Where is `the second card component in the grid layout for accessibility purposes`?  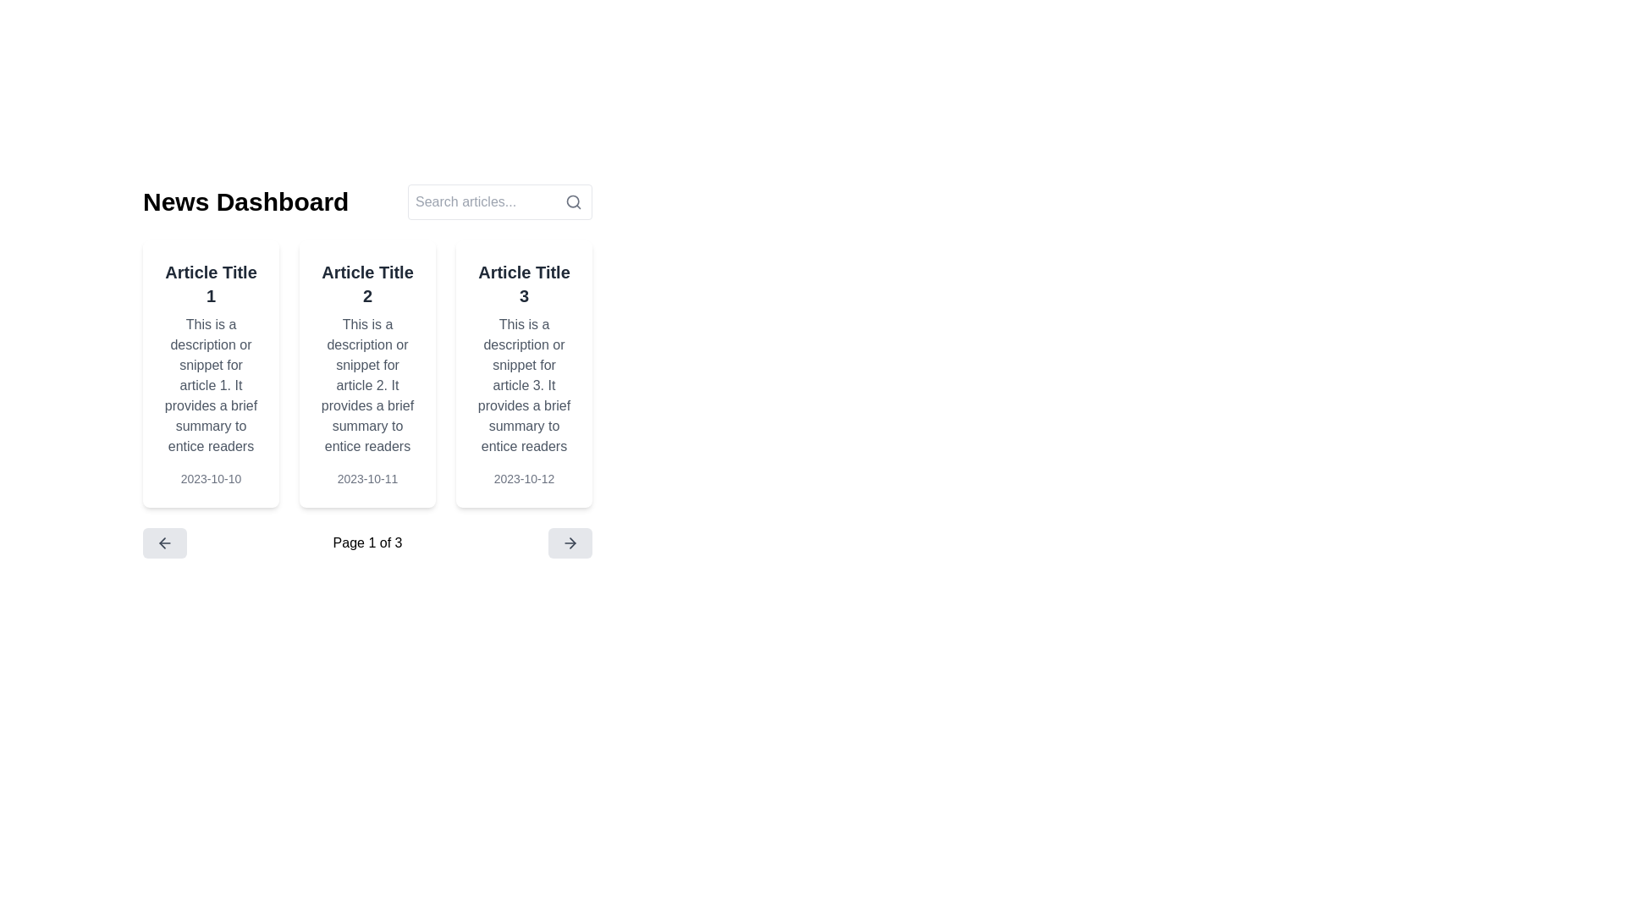 the second card component in the grid layout for accessibility purposes is located at coordinates (366, 373).